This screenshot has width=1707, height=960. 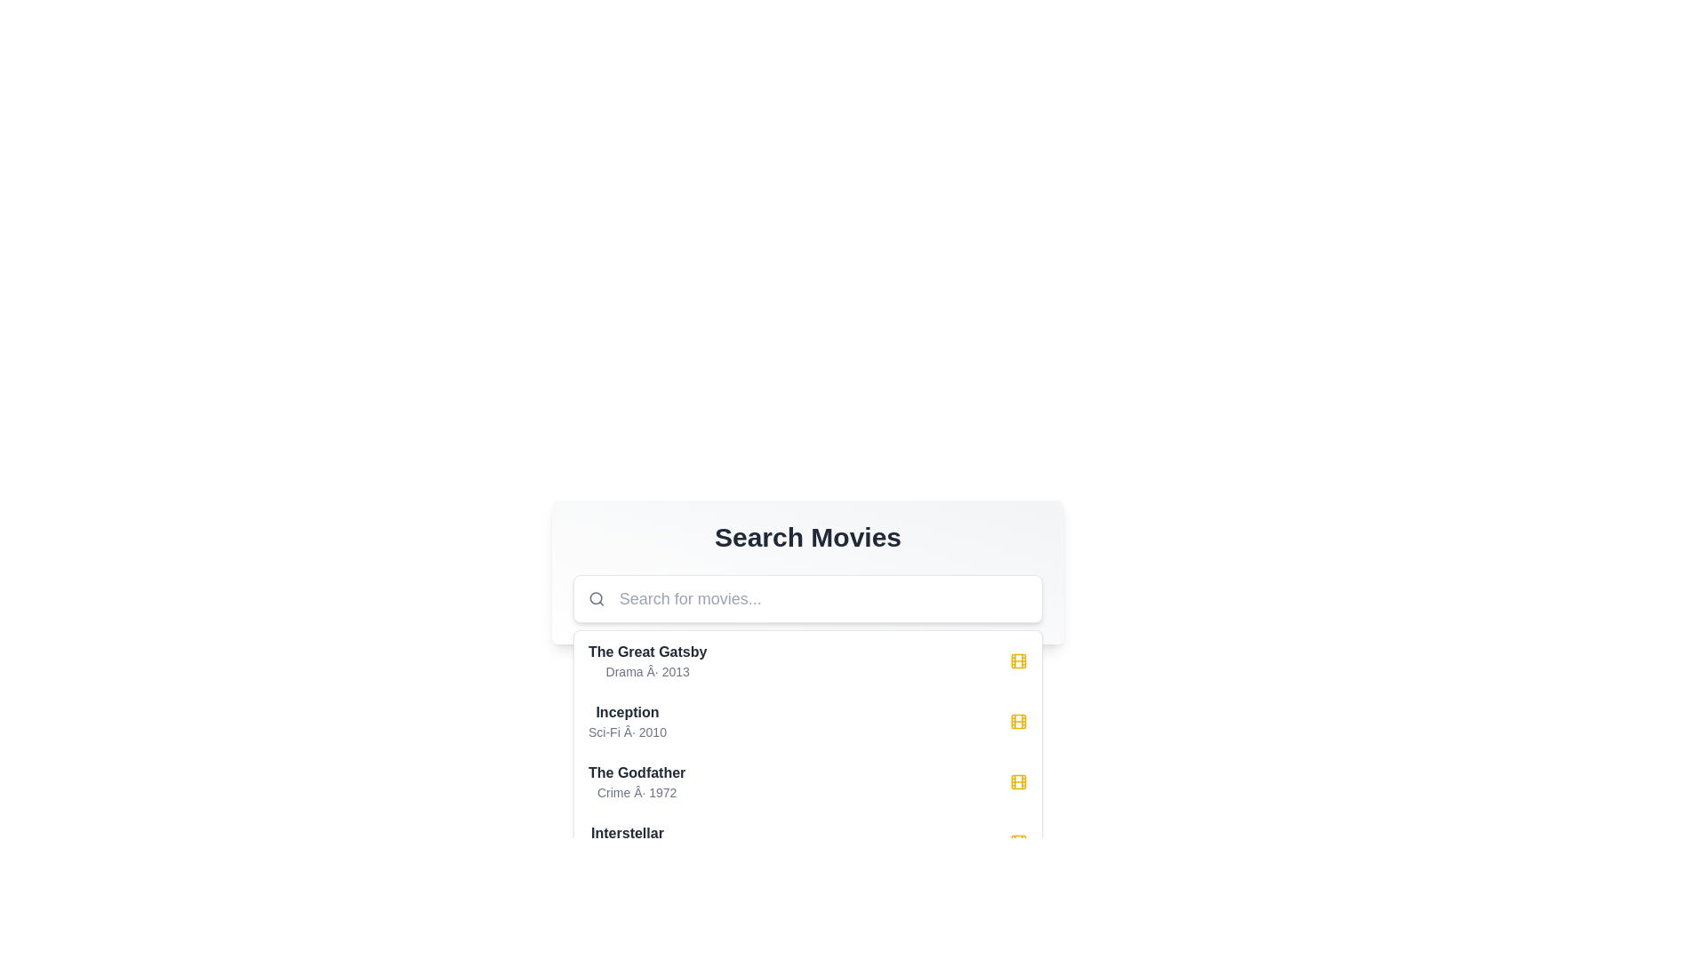 I want to click on the clickable list item representing the movie 'The Godfather,' which is the third row in a vertical list of movie items, so click(x=806, y=780).